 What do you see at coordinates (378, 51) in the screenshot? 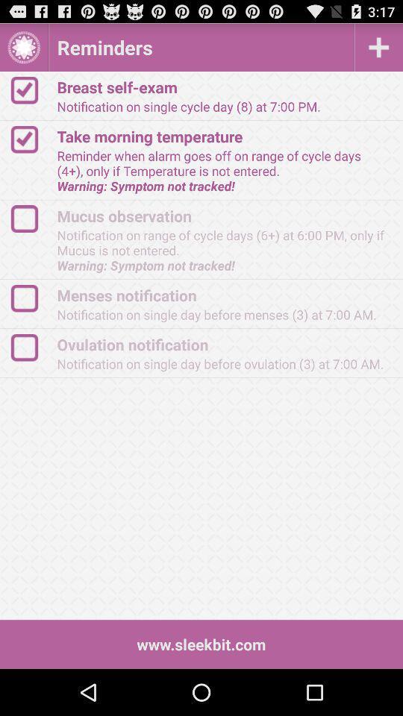
I see `the add icon` at bounding box center [378, 51].